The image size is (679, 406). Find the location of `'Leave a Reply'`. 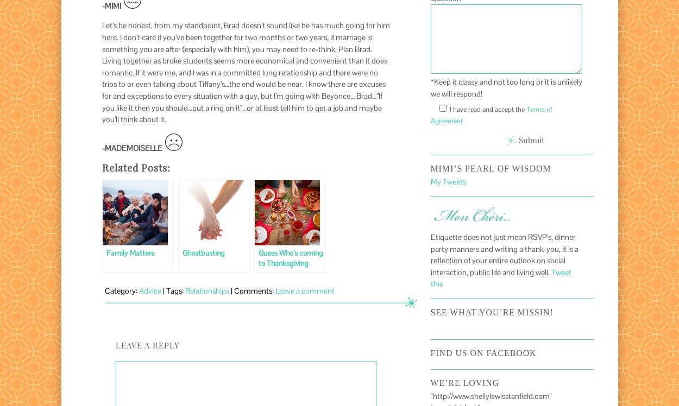

'Leave a Reply' is located at coordinates (147, 345).